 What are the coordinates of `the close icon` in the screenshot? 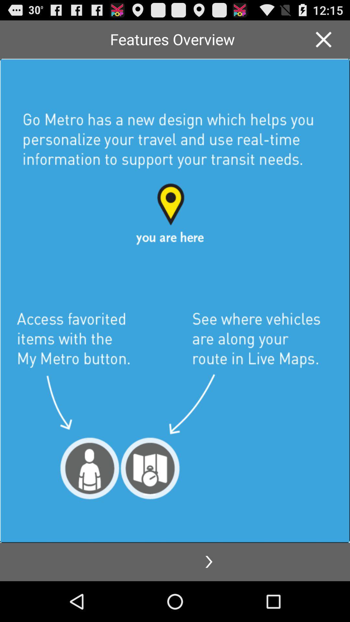 It's located at (323, 42).